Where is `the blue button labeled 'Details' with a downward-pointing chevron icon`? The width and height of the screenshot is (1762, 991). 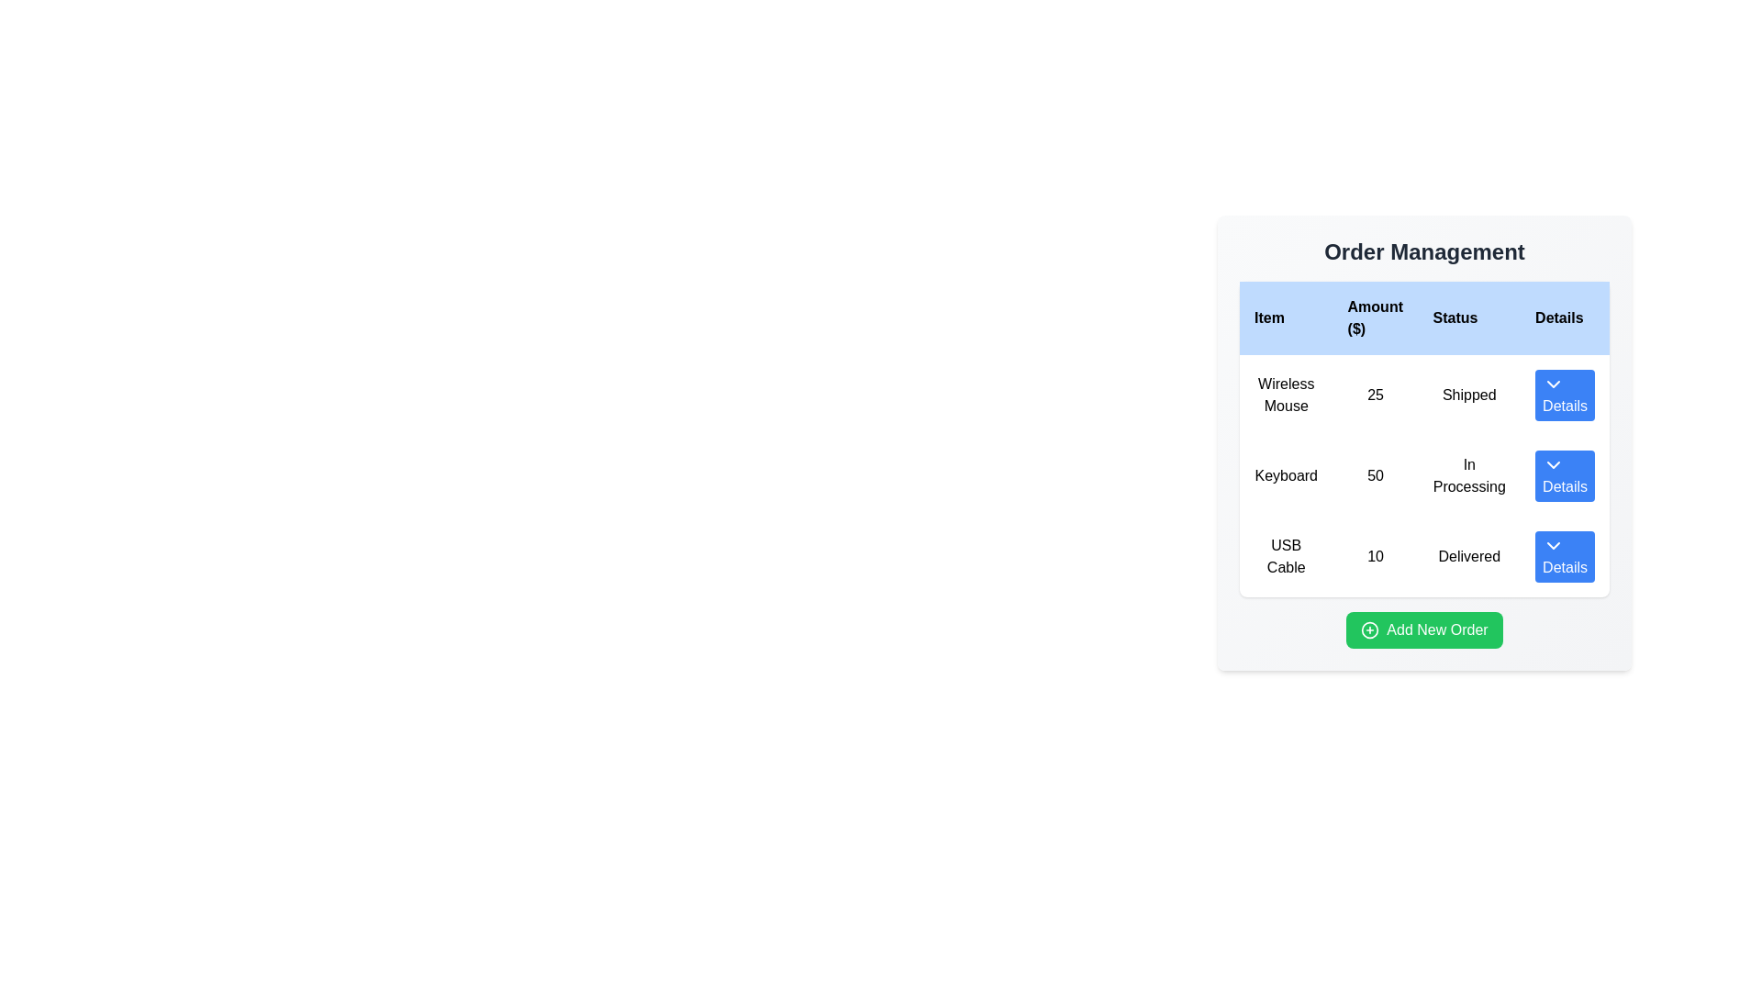
the blue button labeled 'Details' with a downward-pointing chevron icon is located at coordinates (1564, 555).